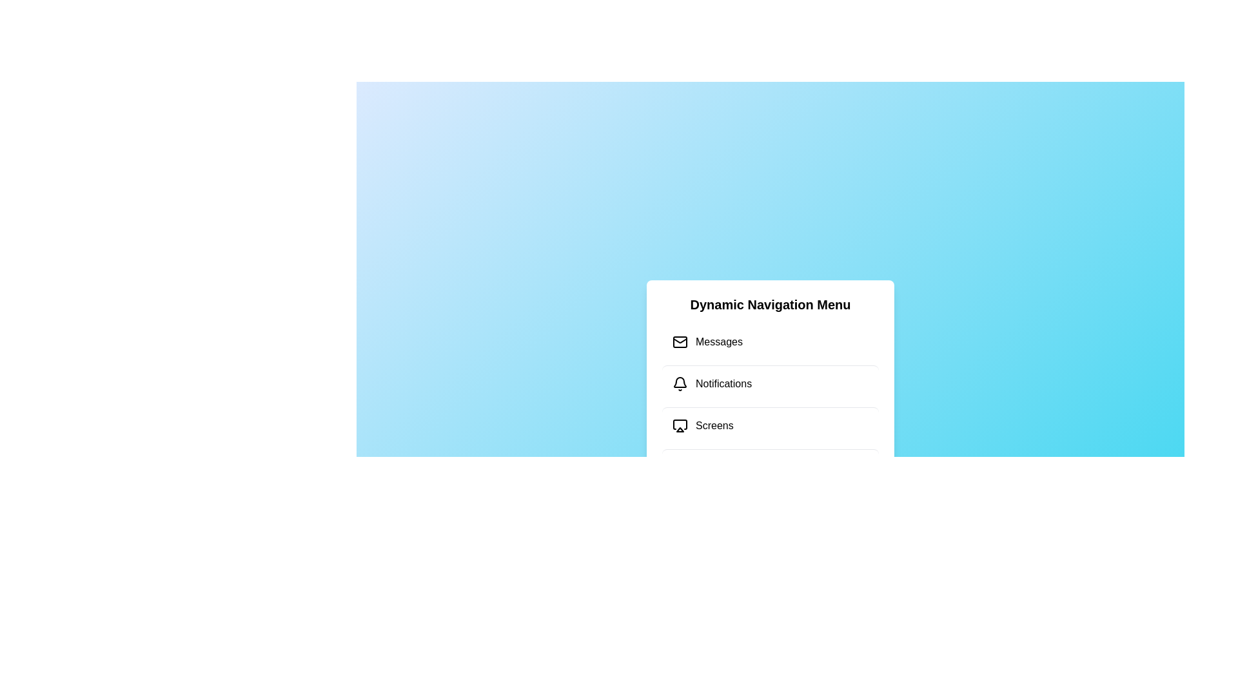 This screenshot has width=1238, height=696. Describe the element at coordinates (680, 342) in the screenshot. I see `the icon associated with the menu item Messages` at that location.